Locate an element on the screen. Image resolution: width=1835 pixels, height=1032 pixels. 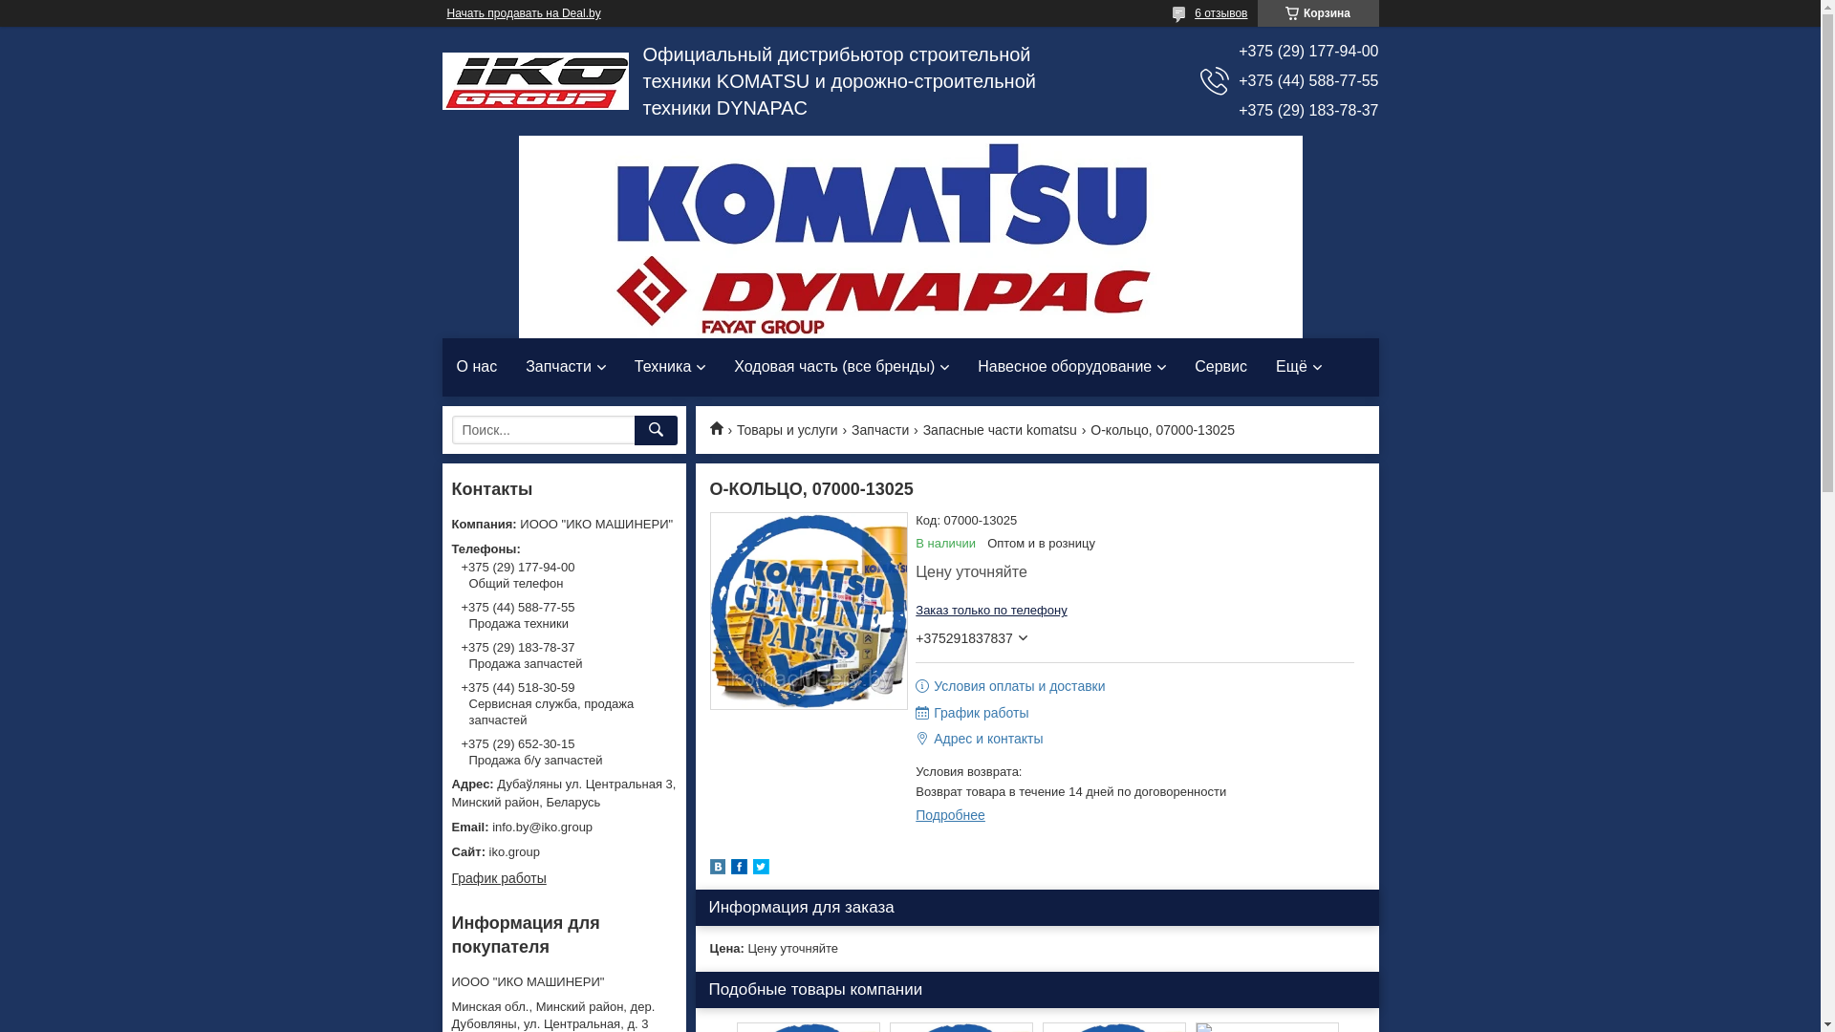
'iko.group' is located at coordinates (562, 850).